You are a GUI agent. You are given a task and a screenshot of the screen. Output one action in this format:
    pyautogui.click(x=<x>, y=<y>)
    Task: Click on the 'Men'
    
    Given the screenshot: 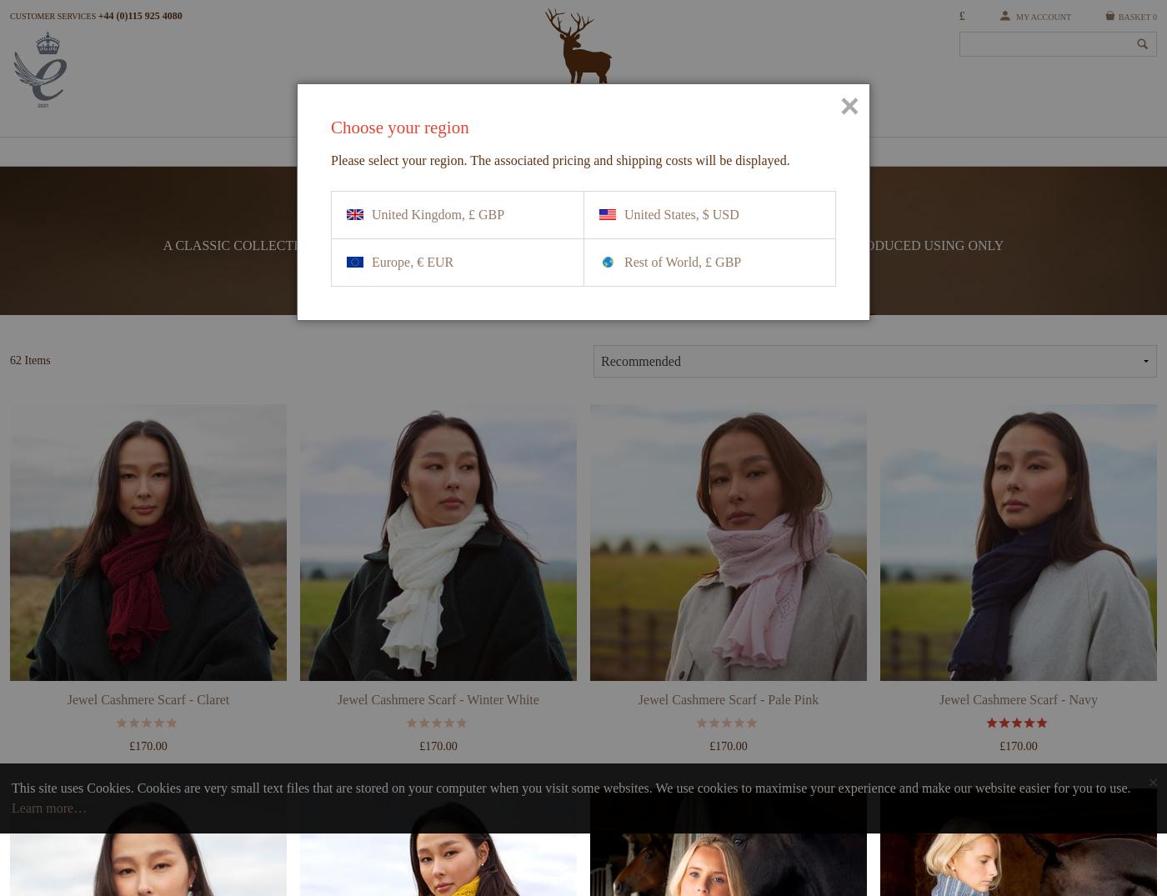 What is the action you would take?
    pyautogui.click(x=532, y=156)
    